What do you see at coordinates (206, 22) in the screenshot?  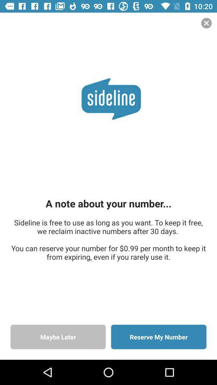 I see `the close icon` at bounding box center [206, 22].